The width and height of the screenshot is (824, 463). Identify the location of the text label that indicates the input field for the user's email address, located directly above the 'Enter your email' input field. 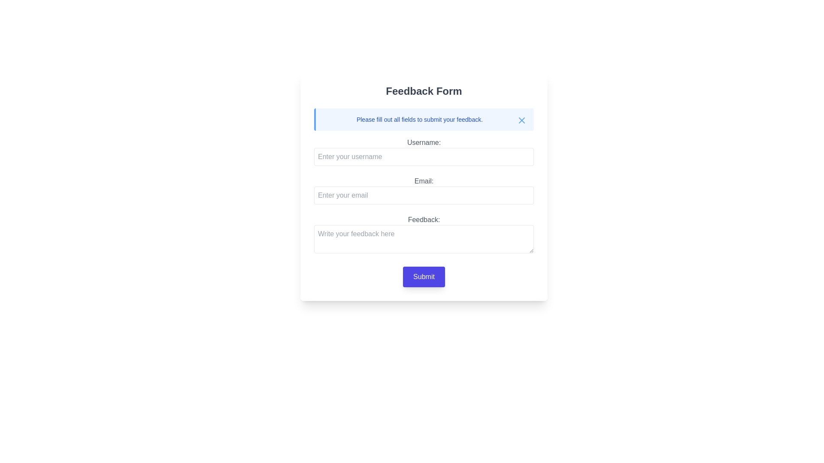
(424, 181).